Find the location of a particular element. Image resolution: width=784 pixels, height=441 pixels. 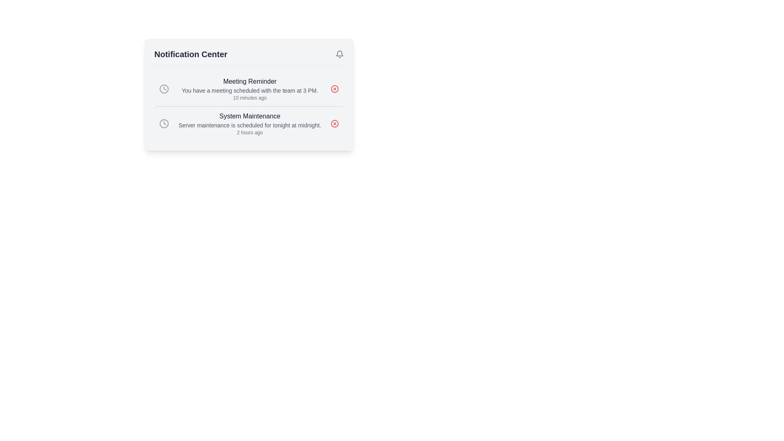

the SVG circle element that serves as a decorative boundary of the clock icon, located within the notification block near the left margin of the first notification item is located at coordinates (164, 124).